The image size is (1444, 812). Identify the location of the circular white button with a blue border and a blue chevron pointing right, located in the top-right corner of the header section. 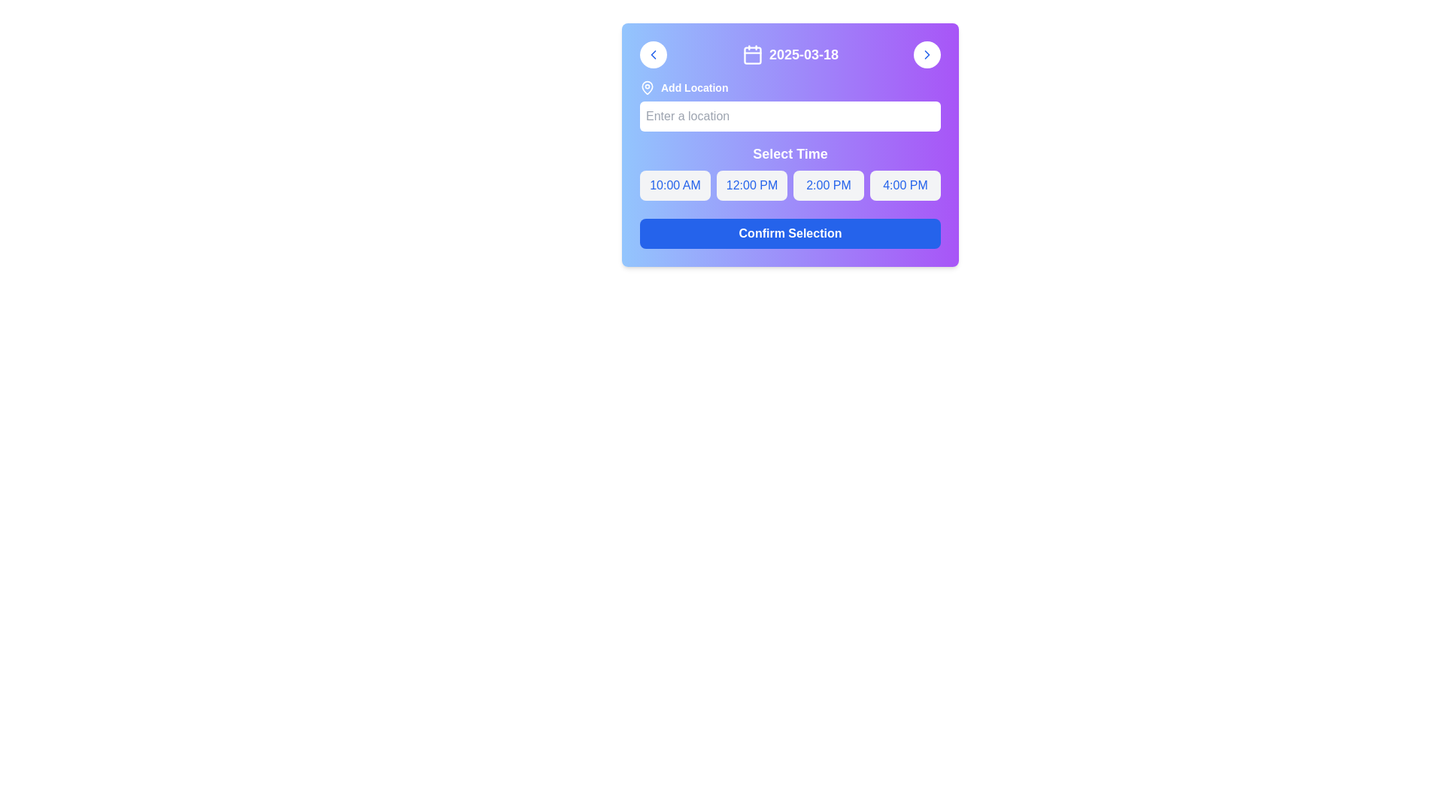
(927, 54).